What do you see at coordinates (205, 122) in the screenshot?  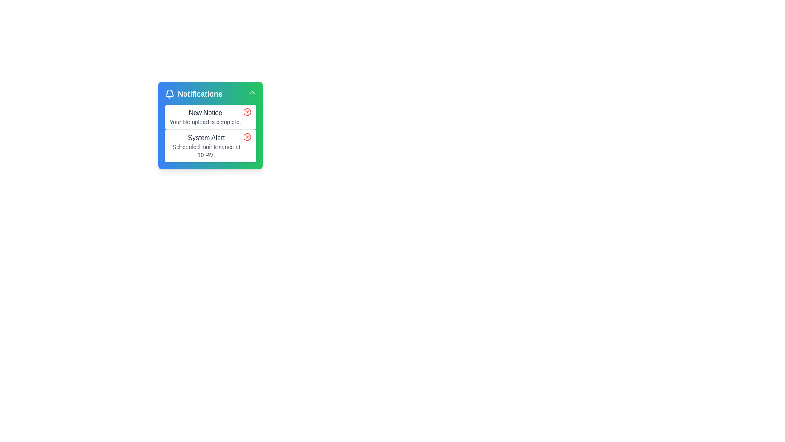 I see `text element displaying 'Your file upload is complete.' located beneath the 'New Notice' heading in the notification panel` at bounding box center [205, 122].